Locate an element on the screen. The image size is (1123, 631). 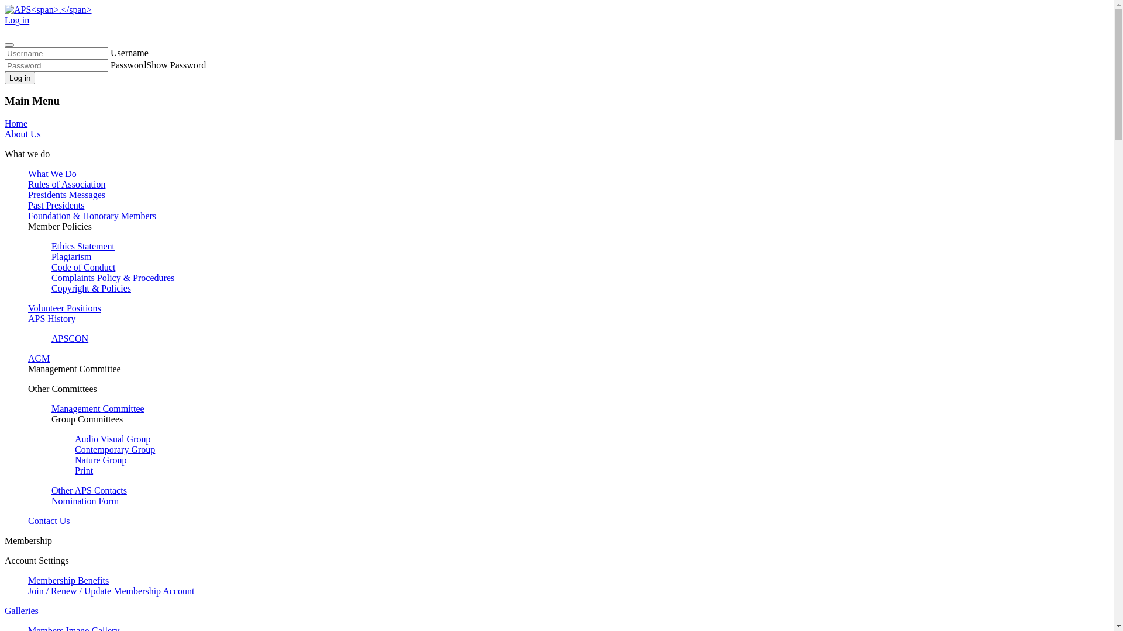
'Nomination Form' is located at coordinates (50, 500).